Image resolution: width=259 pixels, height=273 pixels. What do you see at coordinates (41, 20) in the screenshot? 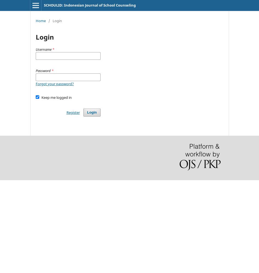
I see `'Home'` at bounding box center [41, 20].